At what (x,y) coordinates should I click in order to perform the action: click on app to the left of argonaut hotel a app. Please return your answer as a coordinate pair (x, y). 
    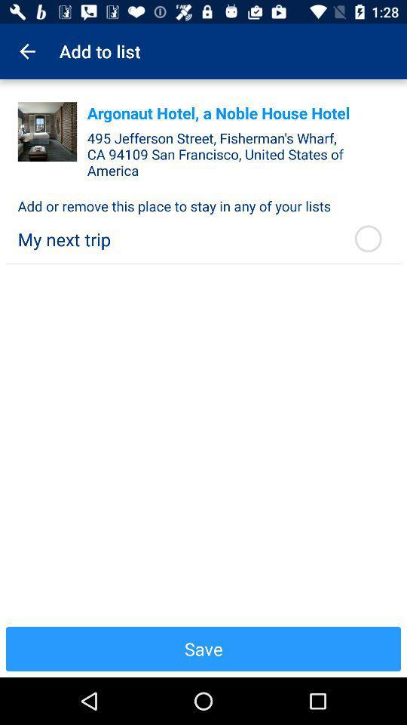
    Looking at the image, I should click on (47, 131).